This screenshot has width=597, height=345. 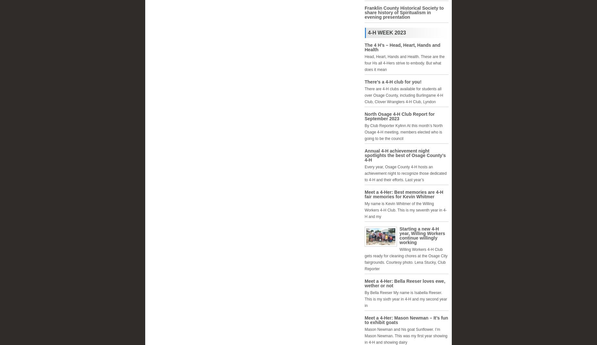 I want to click on 'Annual 4-H achievement night spotlights the best of Osage County’s 4-H', so click(x=364, y=155).